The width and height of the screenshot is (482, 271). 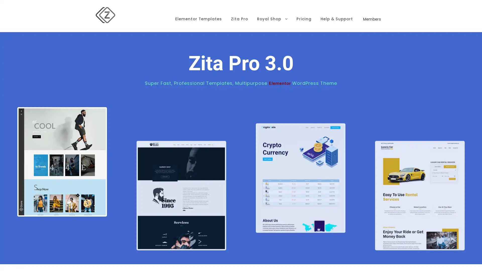 I want to click on Members, so click(x=372, y=11).